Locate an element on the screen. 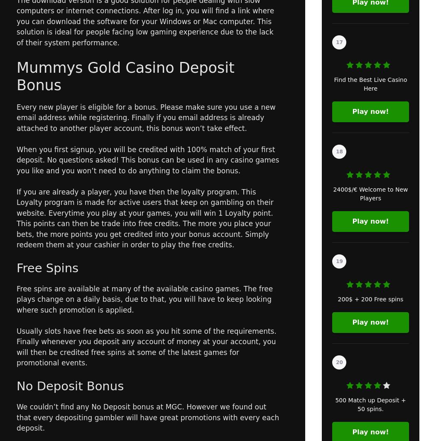 Image resolution: width=436 pixels, height=441 pixels. 'Find the Best Live Casino Here' is located at coordinates (333, 84).